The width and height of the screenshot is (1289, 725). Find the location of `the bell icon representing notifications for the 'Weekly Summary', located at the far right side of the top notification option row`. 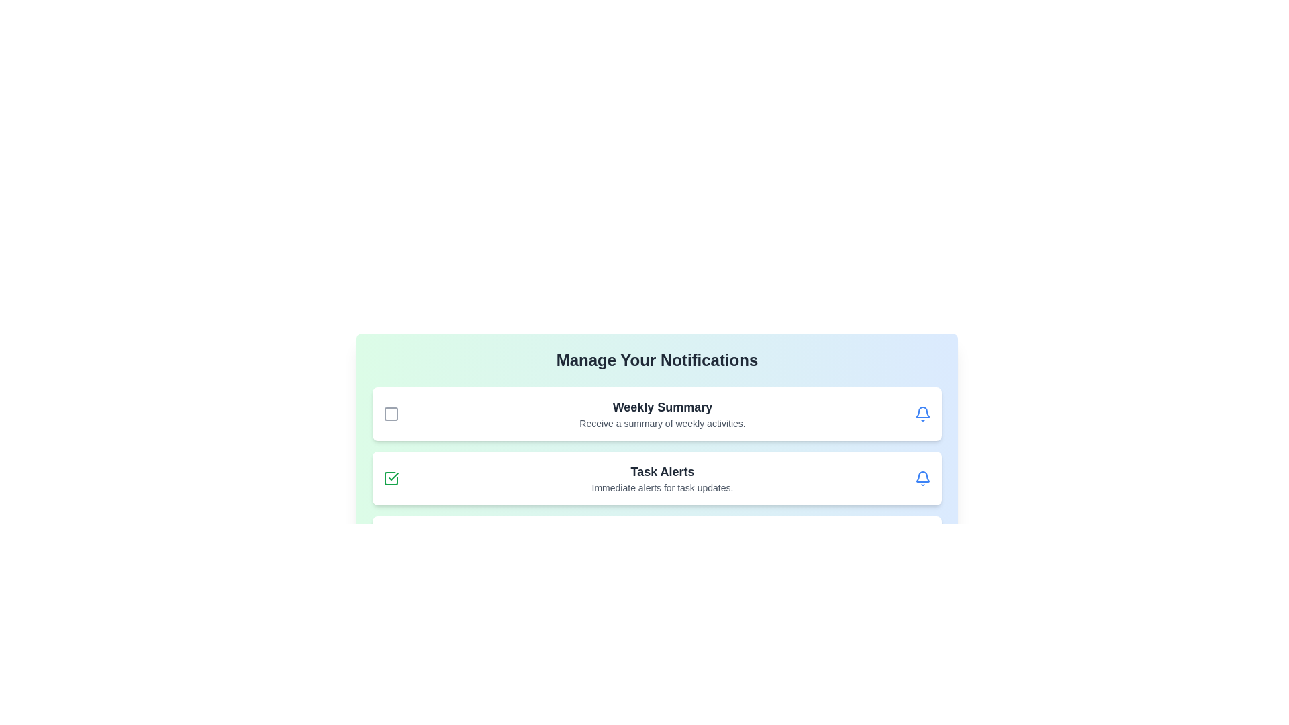

the bell icon representing notifications for the 'Weekly Summary', located at the far right side of the top notification option row is located at coordinates (922, 414).